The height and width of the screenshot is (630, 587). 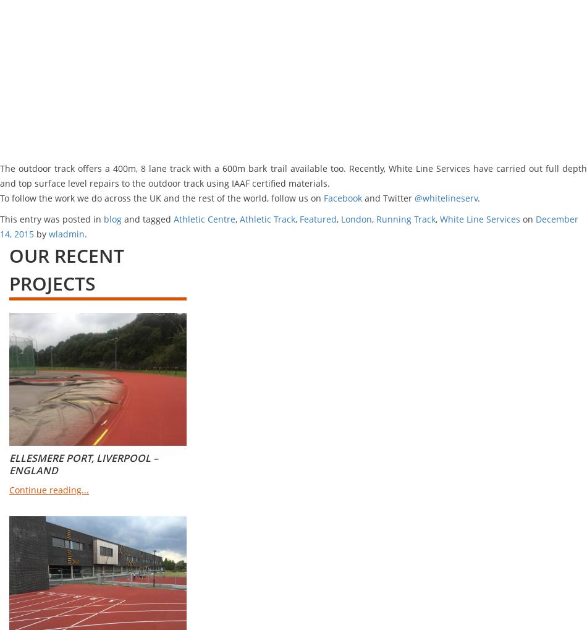 I want to click on 'and tagged', so click(x=122, y=219).